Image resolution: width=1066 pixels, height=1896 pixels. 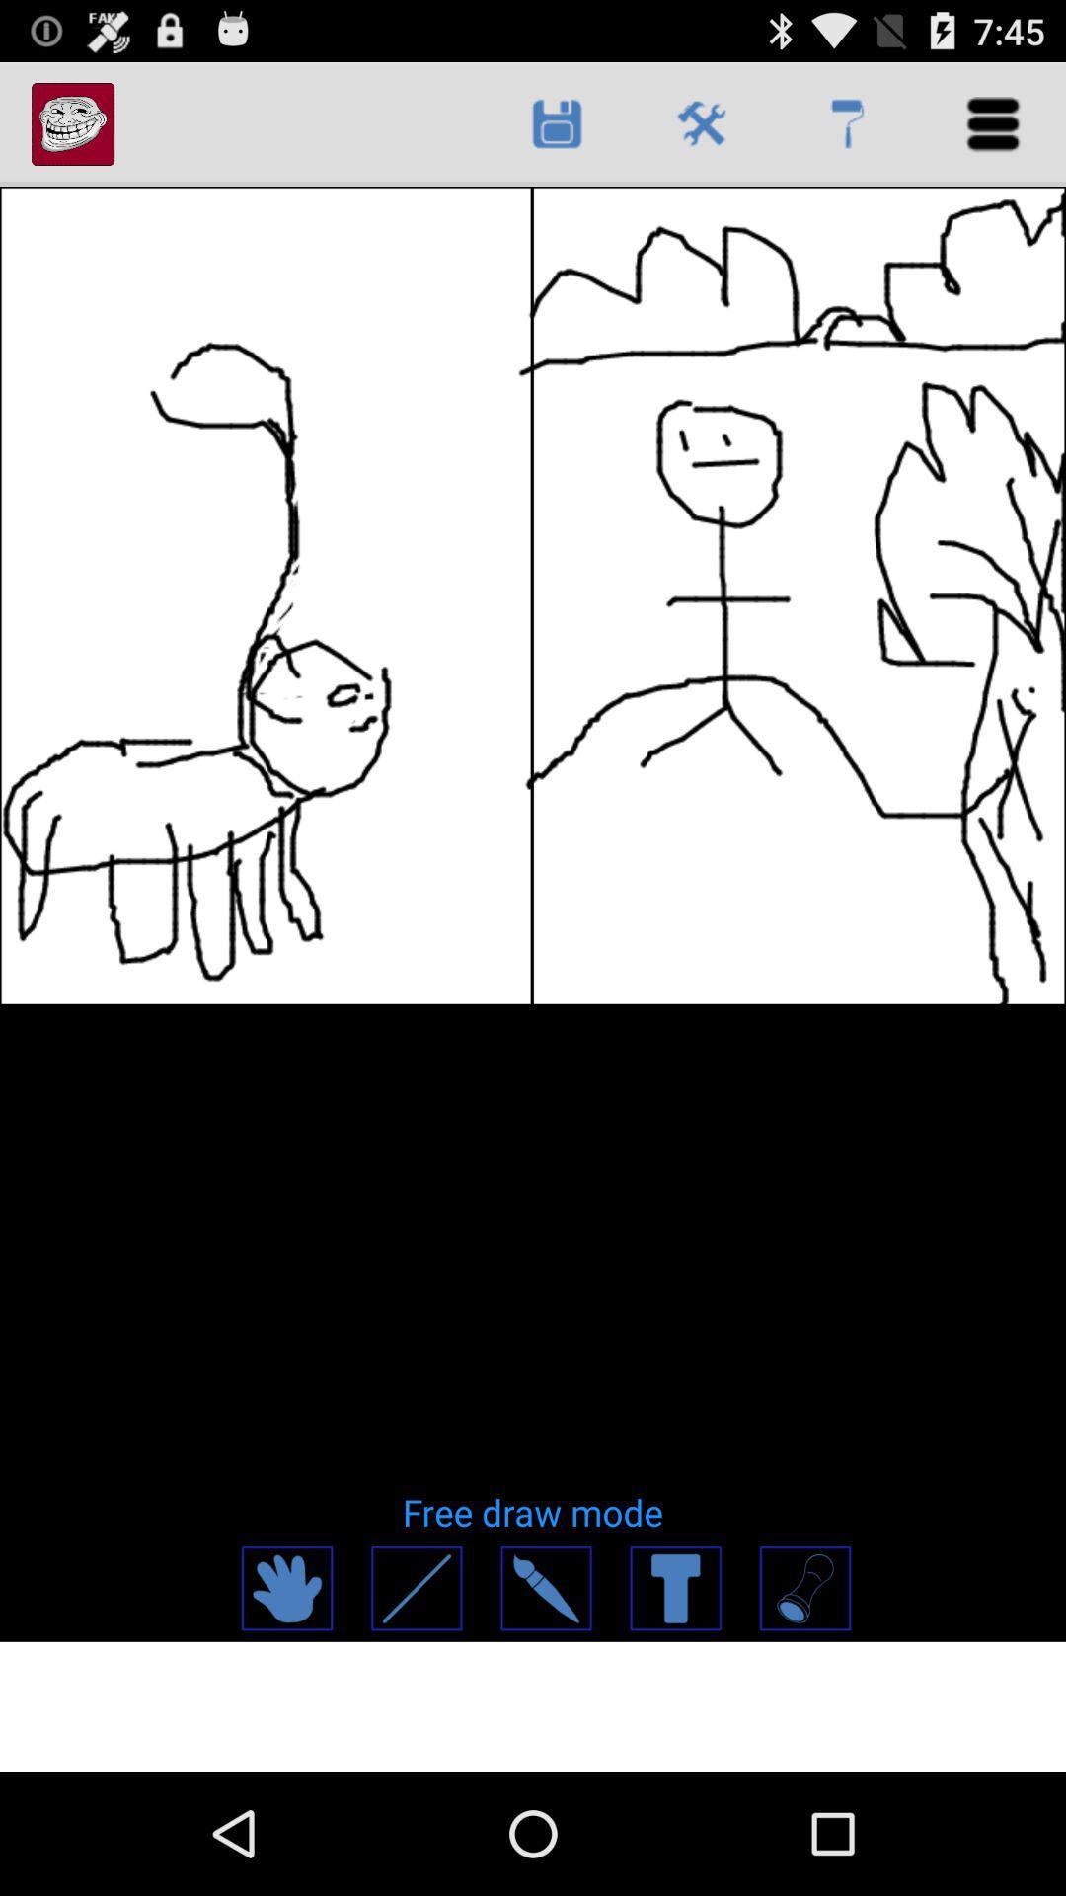 I want to click on brush tool, so click(x=545, y=1588).